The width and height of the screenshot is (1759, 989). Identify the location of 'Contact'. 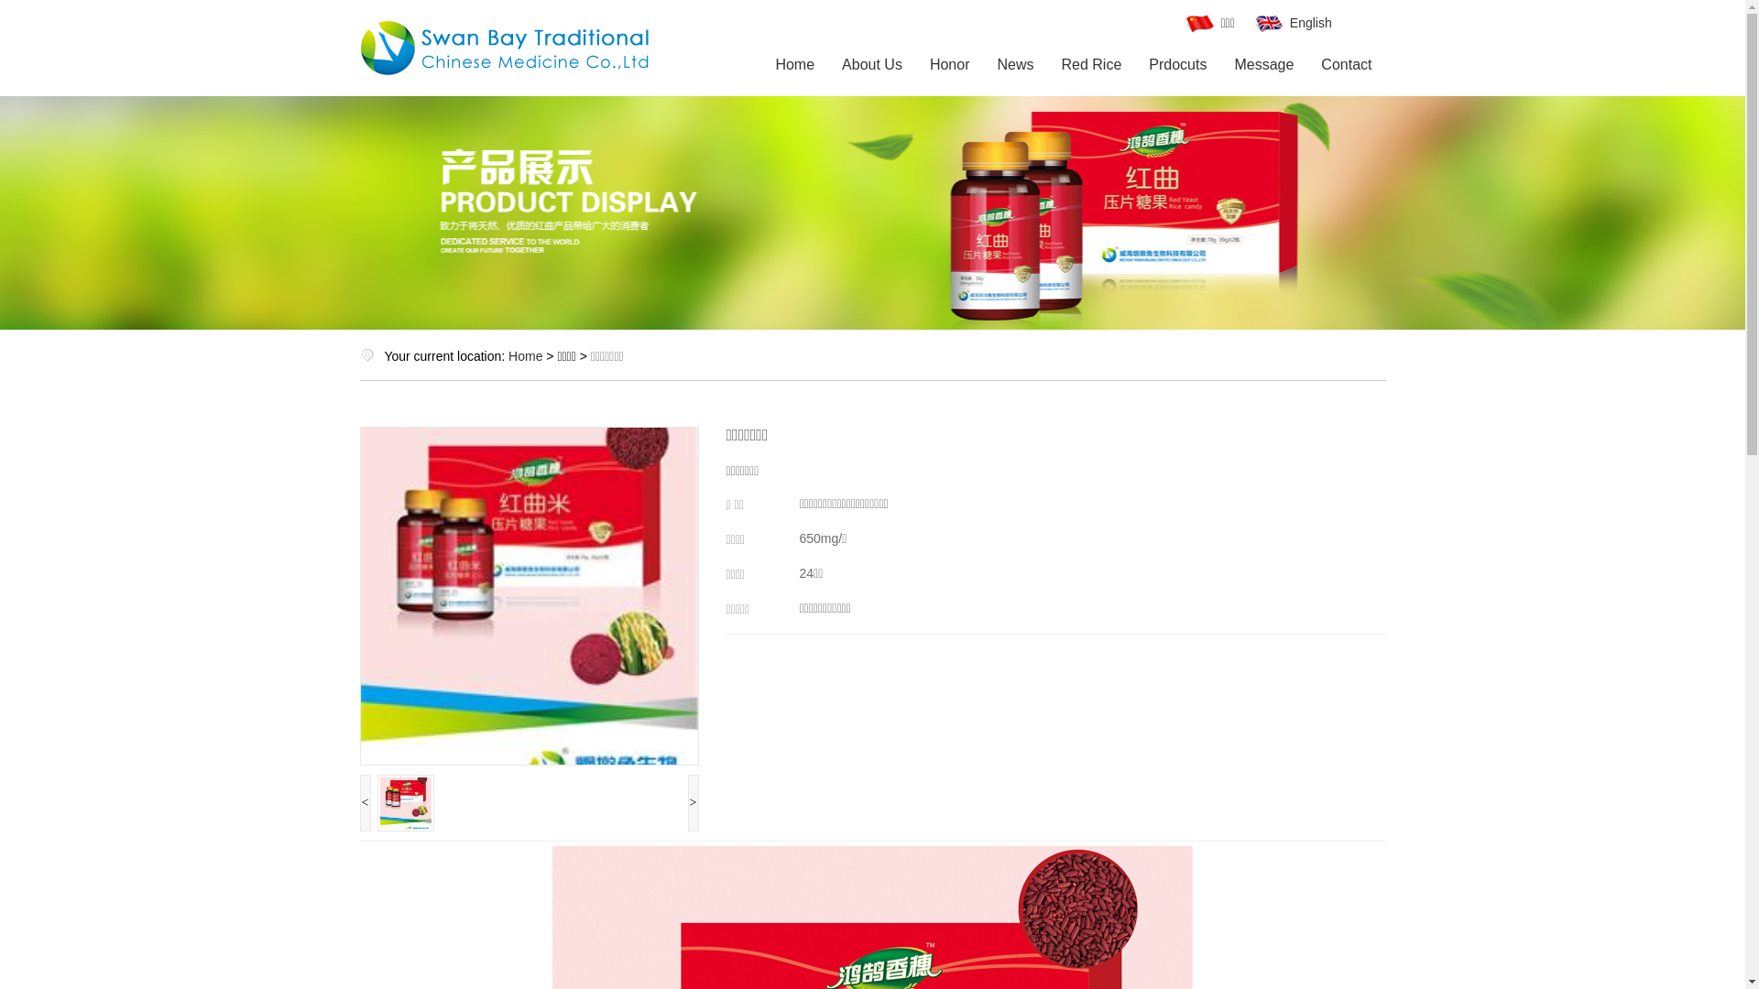
(1346, 63).